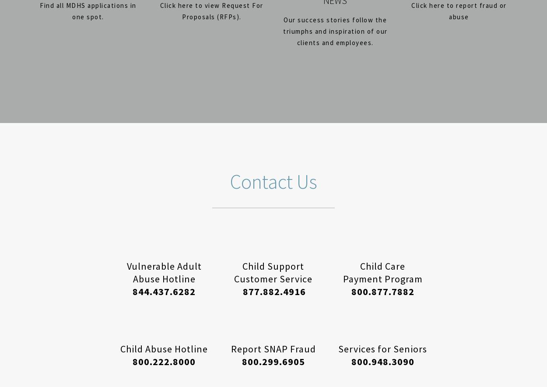 The image size is (547, 387). Describe the element at coordinates (163, 266) in the screenshot. I see `'Vulnerable Adult'` at that location.